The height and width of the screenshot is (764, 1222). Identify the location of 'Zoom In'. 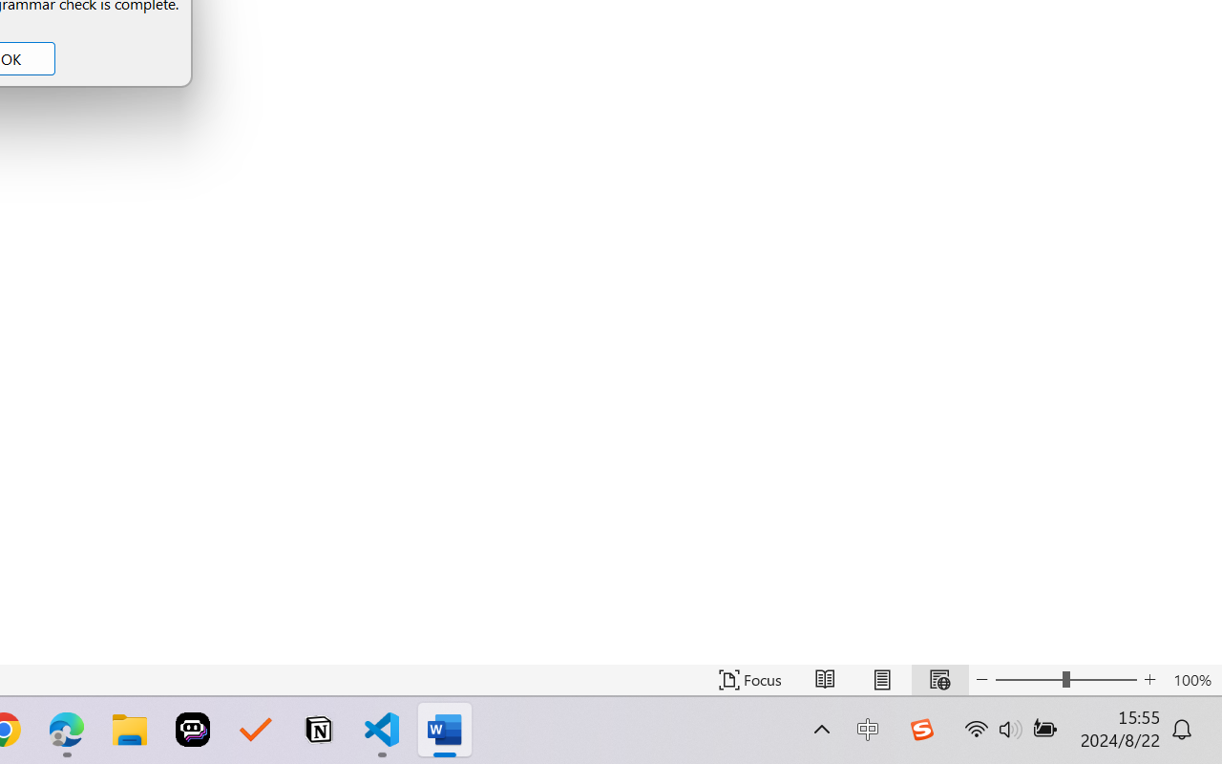
(1149, 679).